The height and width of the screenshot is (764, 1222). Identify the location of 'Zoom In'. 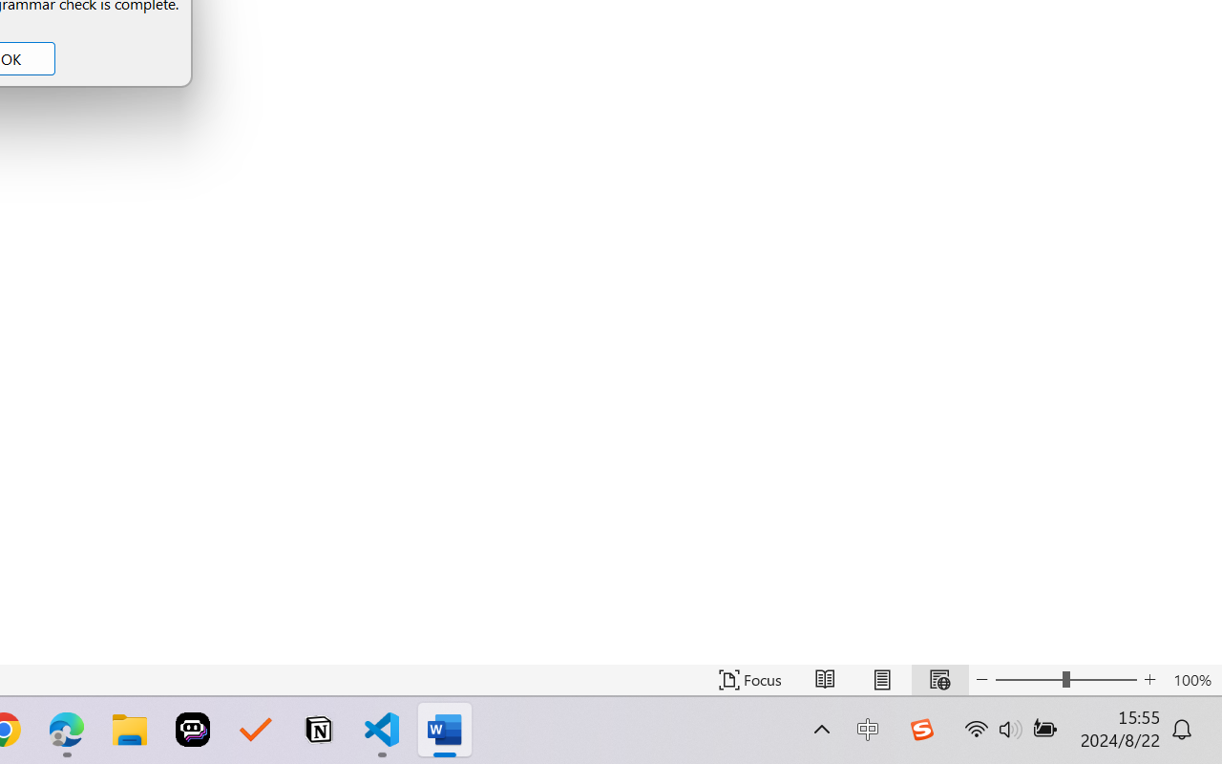
(1149, 679).